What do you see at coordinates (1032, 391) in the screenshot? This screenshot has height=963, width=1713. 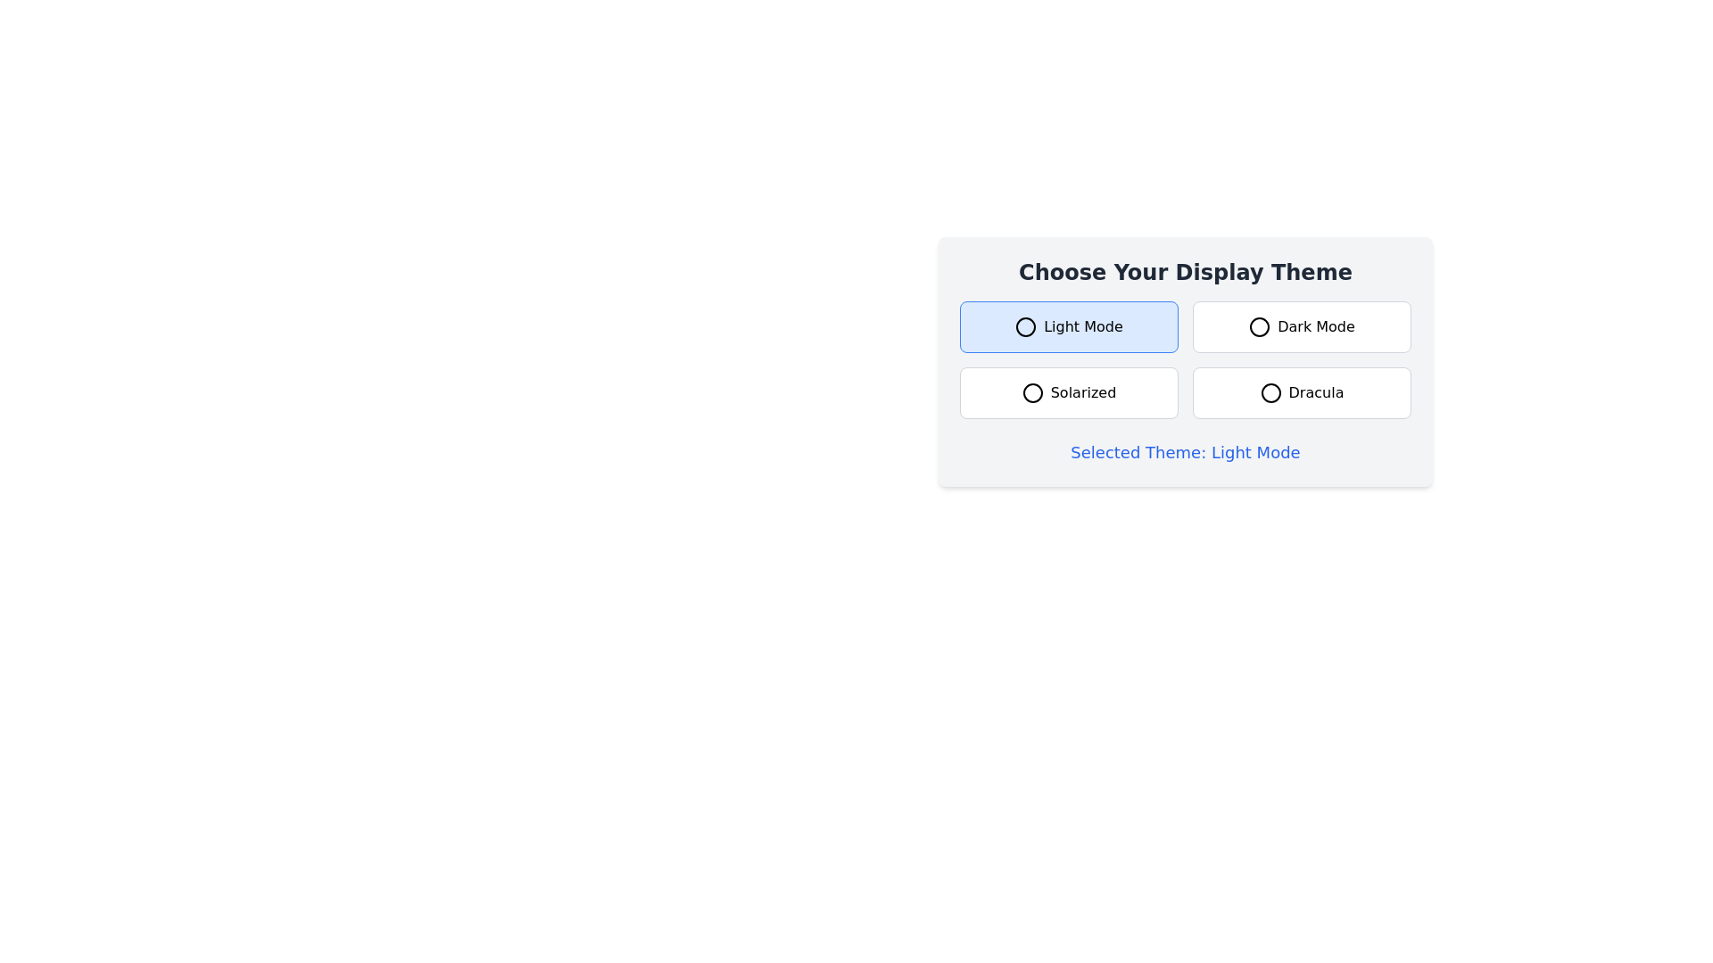 I see `the circular icon with a black outline located to the left of the 'Solarized' text within its button` at bounding box center [1032, 391].